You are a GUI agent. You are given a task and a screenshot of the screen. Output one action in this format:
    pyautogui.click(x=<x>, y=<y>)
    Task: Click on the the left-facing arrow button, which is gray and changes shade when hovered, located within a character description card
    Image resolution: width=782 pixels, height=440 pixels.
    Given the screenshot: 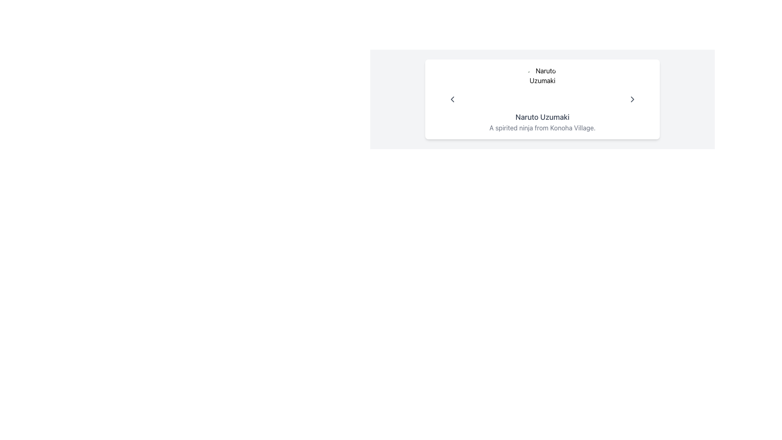 What is the action you would take?
    pyautogui.click(x=452, y=99)
    